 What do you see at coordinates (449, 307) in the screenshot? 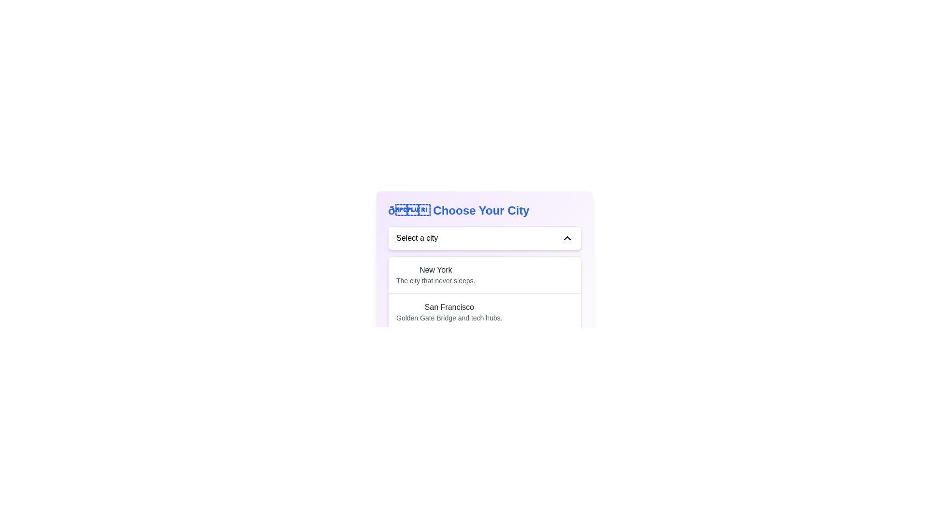
I see `the text label representing the choice of the city 'San Francisco' in the city selection interface` at bounding box center [449, 307].